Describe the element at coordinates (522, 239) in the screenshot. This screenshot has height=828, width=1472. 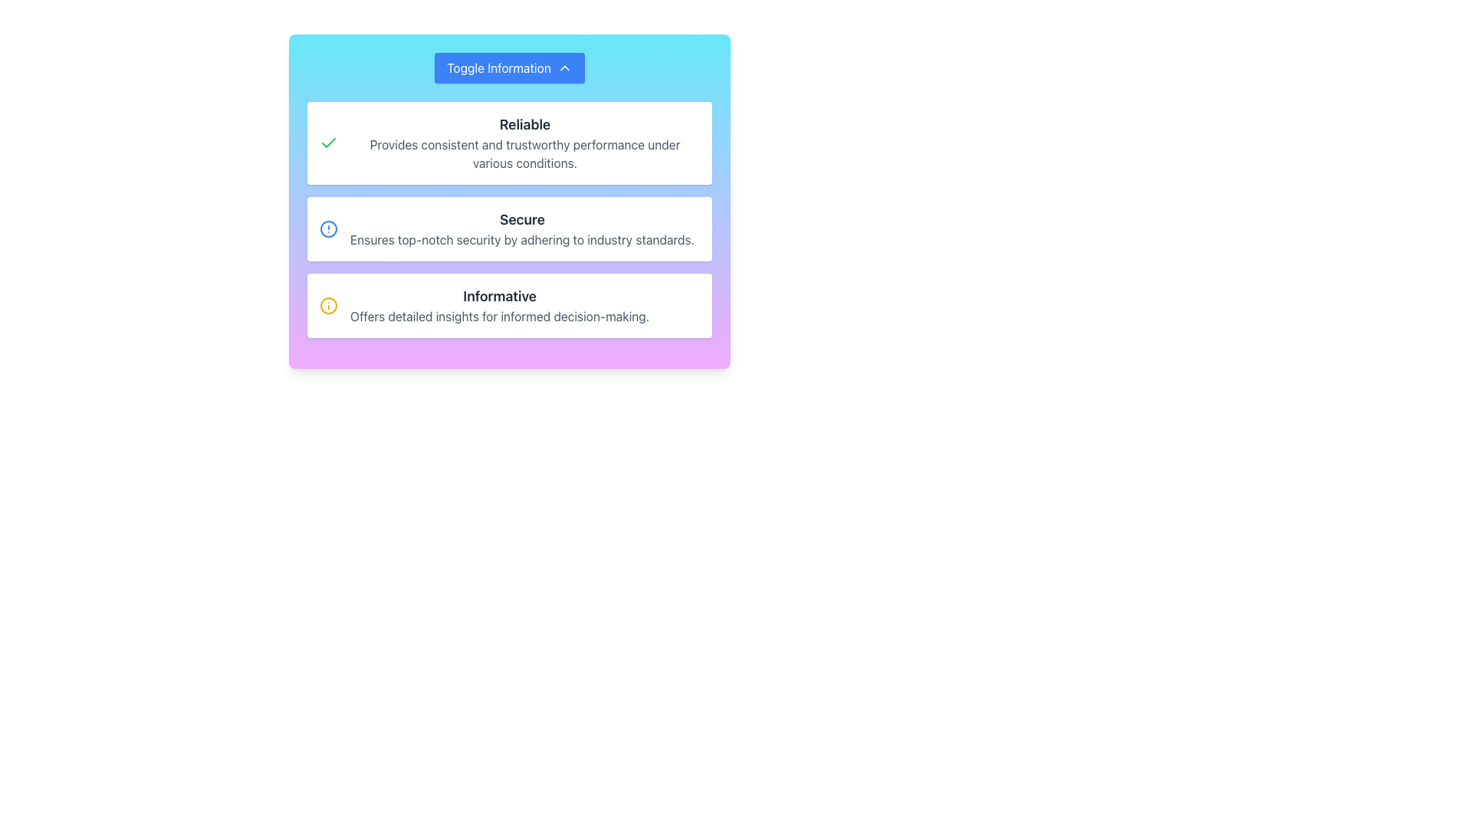
I see `supplementary information text located below the 'Secure' heading, which provides a description of the 'Secure' feature` at that location.